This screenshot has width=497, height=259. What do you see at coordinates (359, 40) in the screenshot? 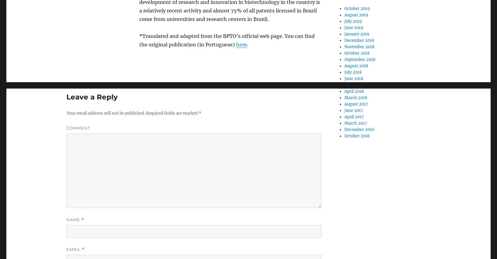
I see `'December 2018'` at bounding box center [359, 40].